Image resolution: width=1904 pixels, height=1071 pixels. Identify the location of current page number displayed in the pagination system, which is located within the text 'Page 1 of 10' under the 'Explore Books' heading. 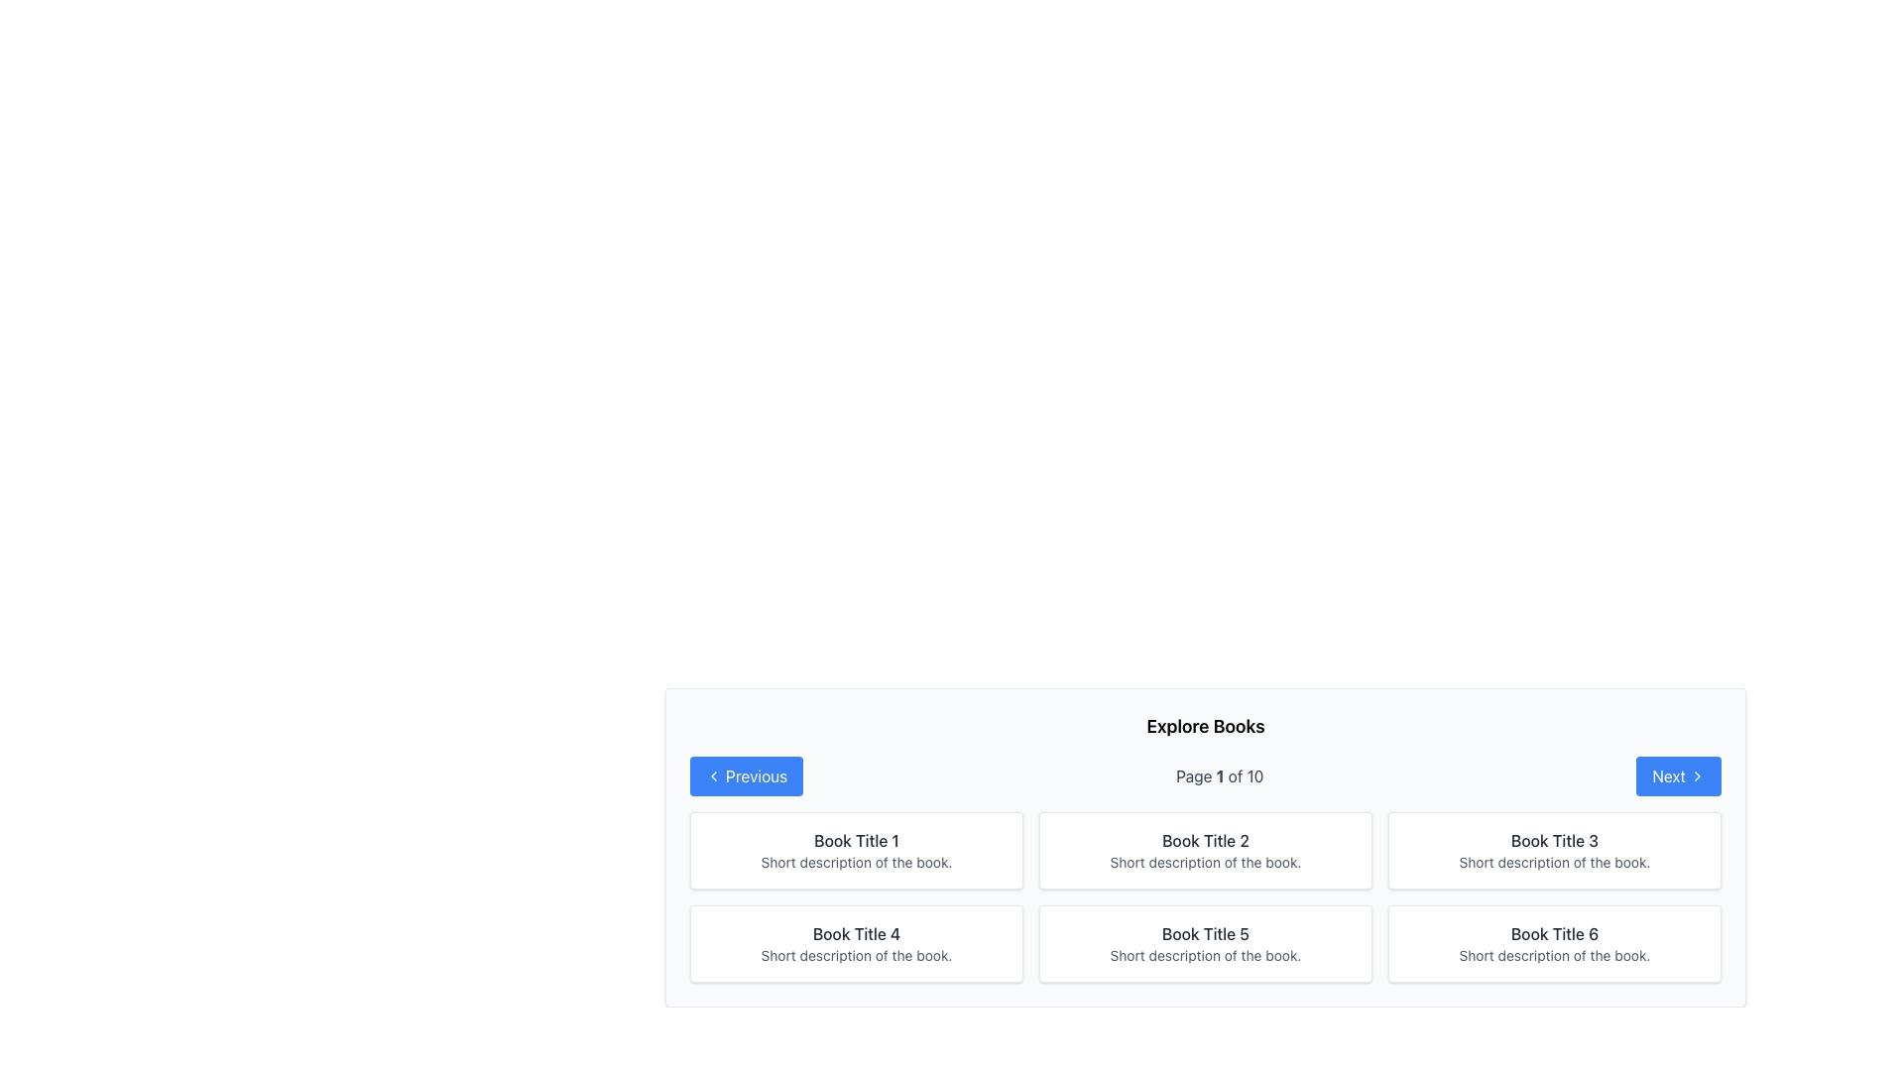
(1219, 775).